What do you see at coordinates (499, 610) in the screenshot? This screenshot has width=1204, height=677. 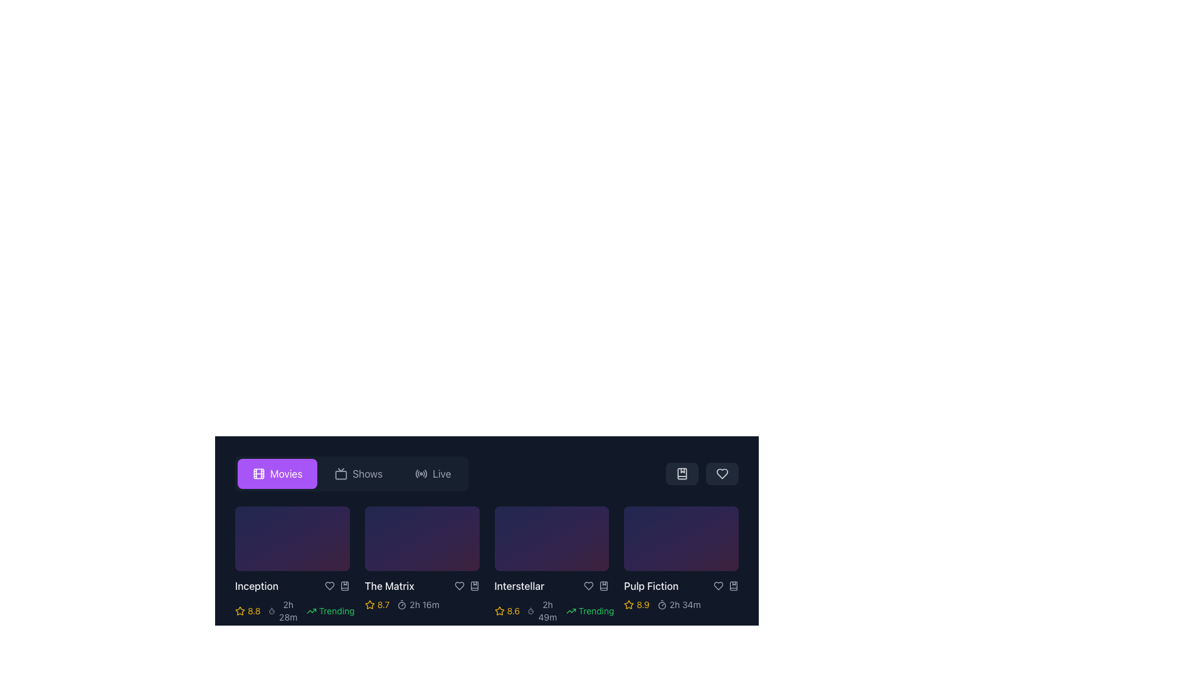 I see `the star icon under the movie 'Interstellar'` at bounding box center [499, 610].